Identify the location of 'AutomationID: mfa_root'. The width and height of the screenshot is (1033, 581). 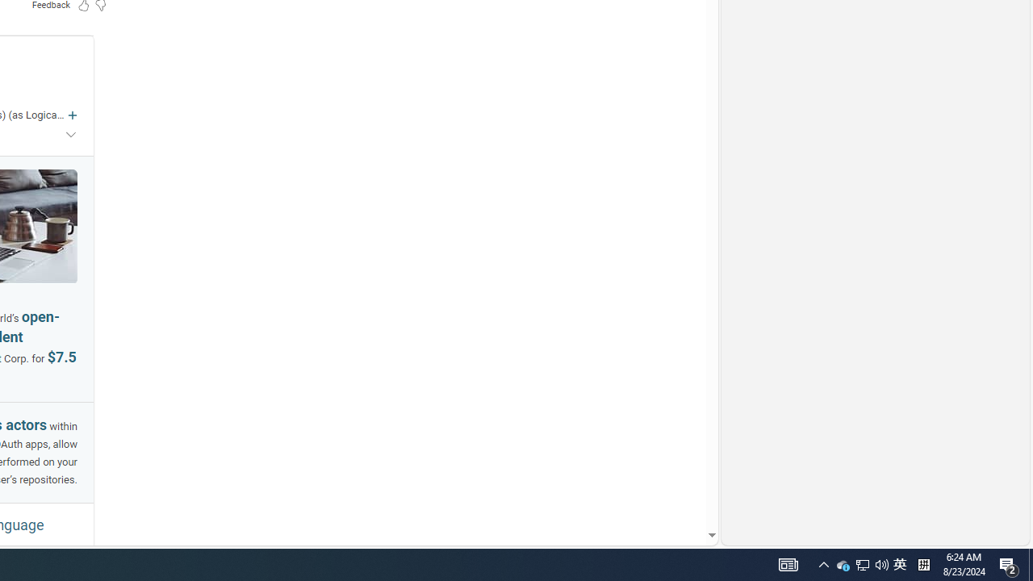
(651, 486).